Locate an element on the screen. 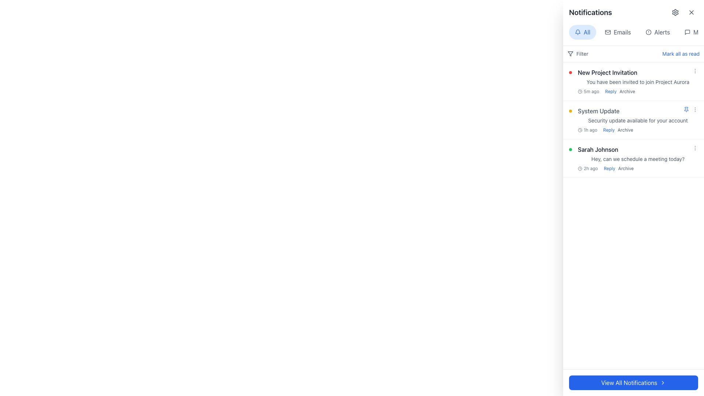 Image resolution: width=704 pixels, height=396 pixels. the visual design of the triangle-shaped graphical icon styled as an outline located in the notification section's navigation bar, positioned near the 'Mark all as read' link is located at coordinates (570, 53).